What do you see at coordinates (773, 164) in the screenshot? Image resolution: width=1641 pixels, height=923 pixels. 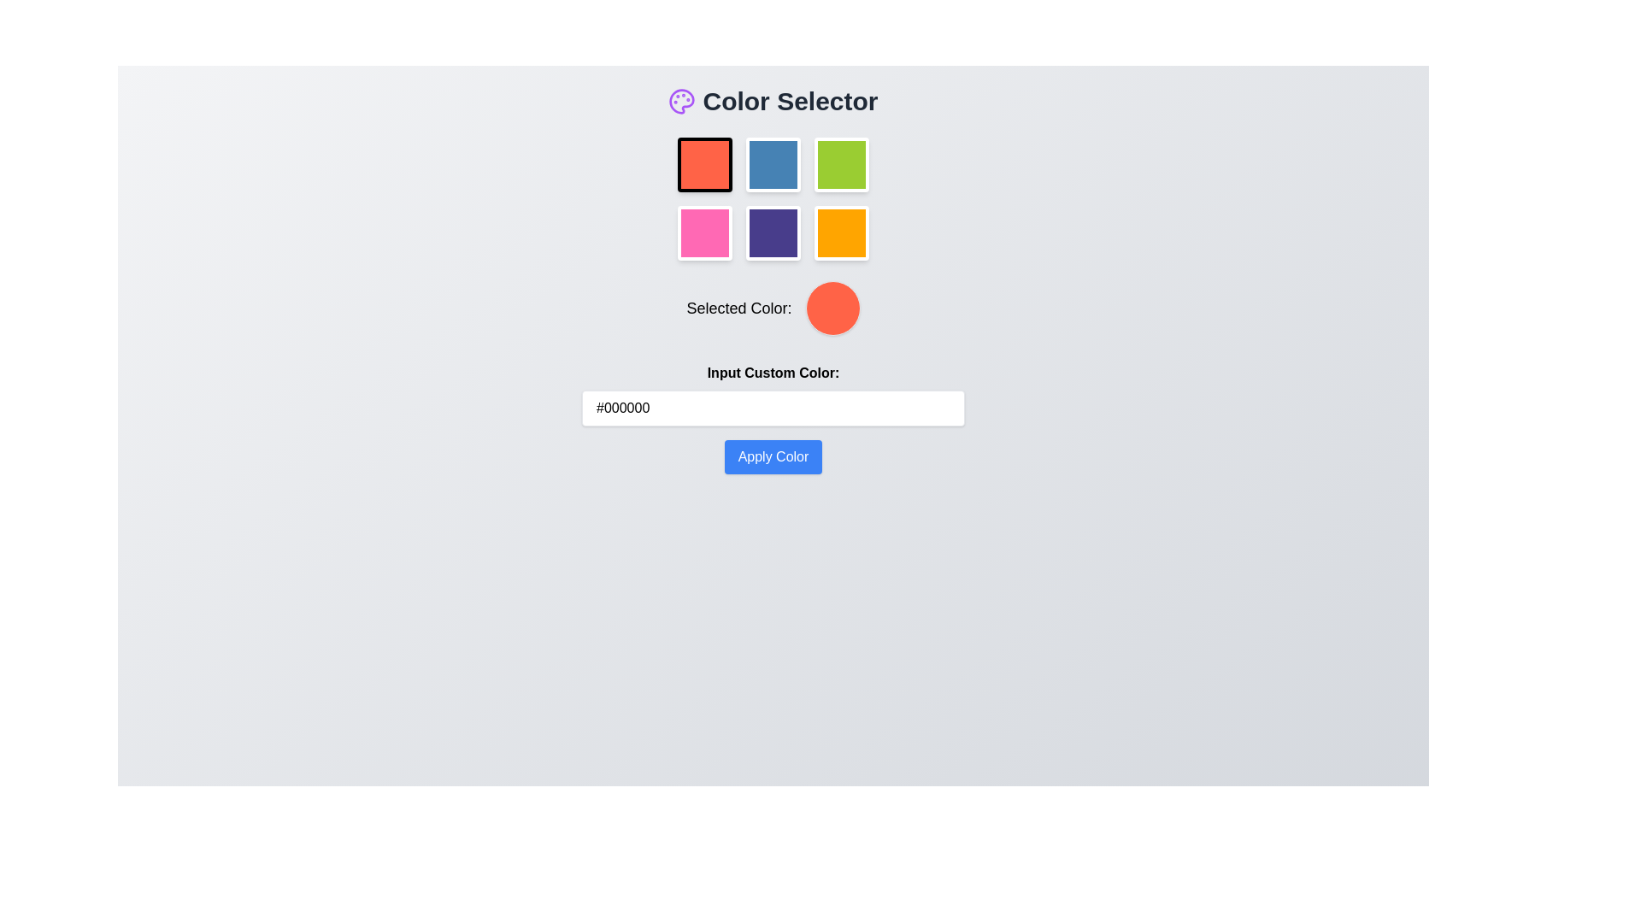 I see `the blue selectable color swatch located in the top row of the grid` at bounding box center [773, 164].